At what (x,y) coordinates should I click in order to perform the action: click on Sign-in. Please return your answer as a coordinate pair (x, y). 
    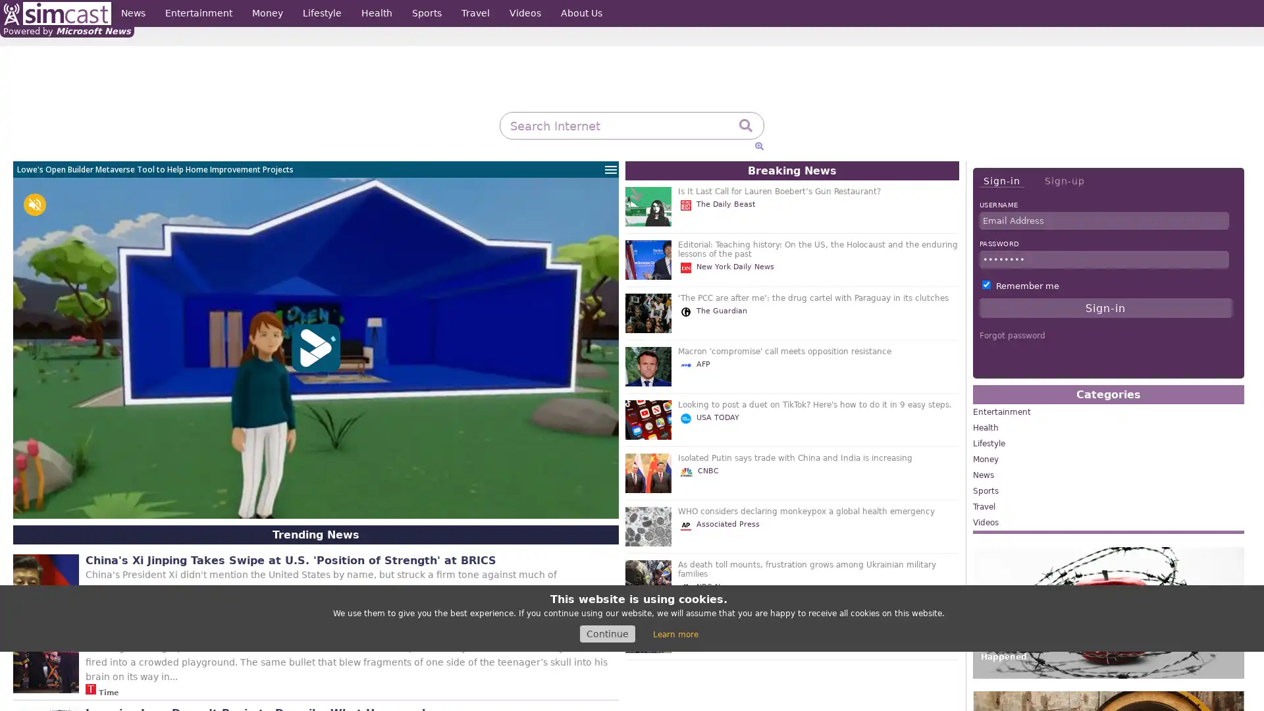
    Looking at the image, I should click on (1105, 307).